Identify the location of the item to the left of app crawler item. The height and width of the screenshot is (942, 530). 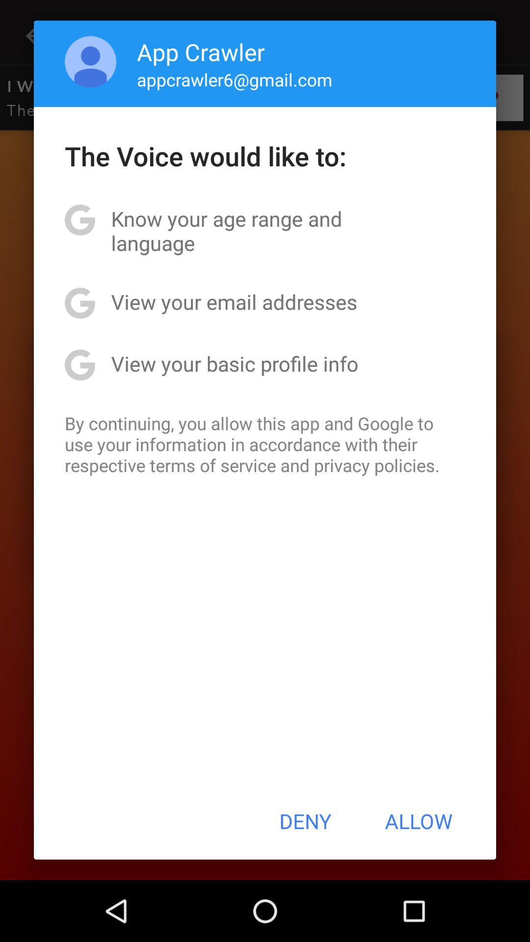
(90, 61).